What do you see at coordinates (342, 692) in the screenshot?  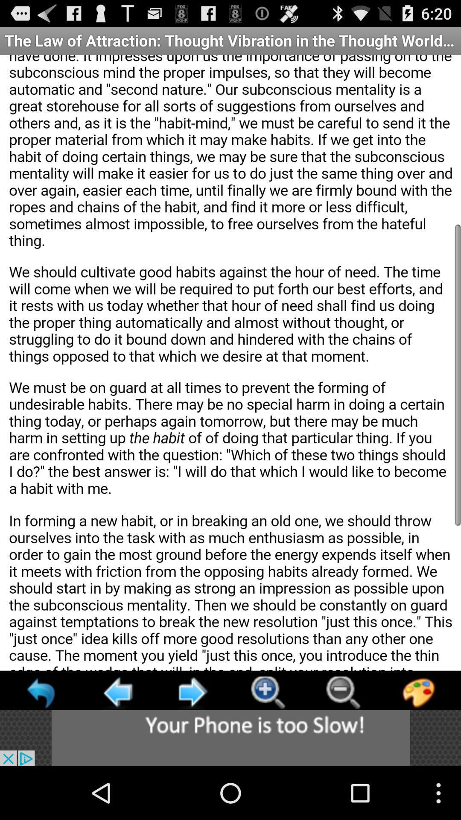 I see `reduce image` at bounding box center [342, 692].